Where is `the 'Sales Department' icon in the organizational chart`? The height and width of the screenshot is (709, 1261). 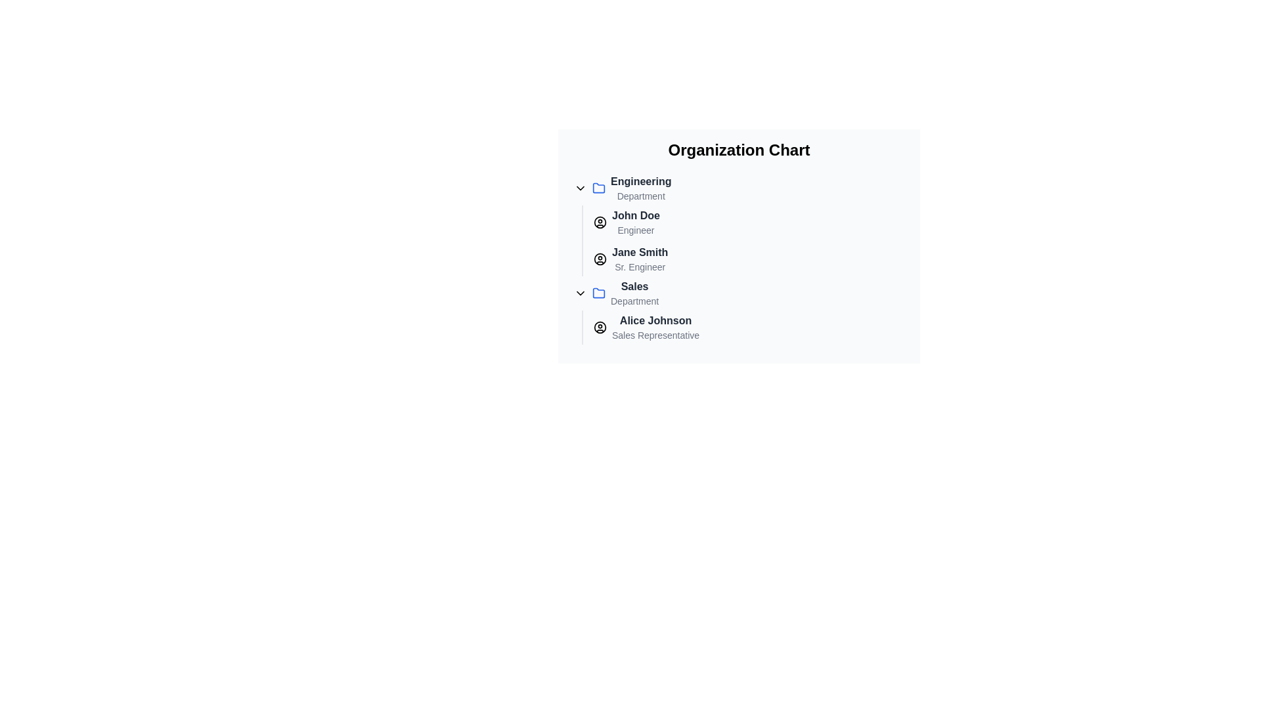 the 'Sales Department' icon in the organizational chart is located at coordinates (598, 292).